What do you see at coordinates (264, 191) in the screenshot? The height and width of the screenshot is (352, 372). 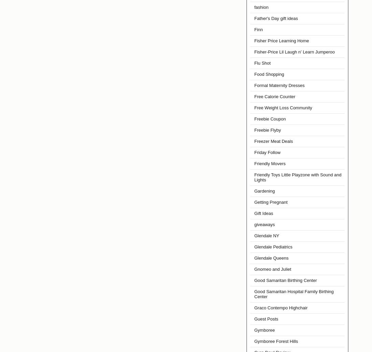 I see `'Gardening'` at bounding box center [264, 191].